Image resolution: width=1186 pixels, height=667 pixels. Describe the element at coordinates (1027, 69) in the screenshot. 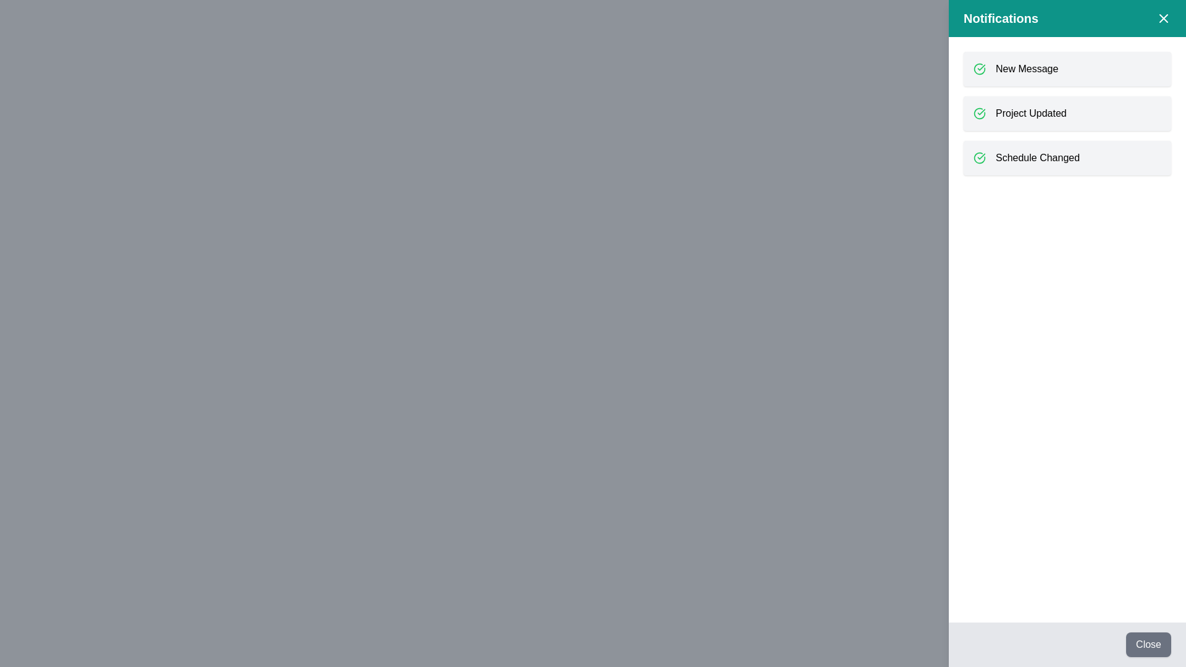

I see `text from the title or main label of the first notification item in the notification panel, which is positioned to the right of a green checkmark icon and centered in a light-gray notification box` at that location.